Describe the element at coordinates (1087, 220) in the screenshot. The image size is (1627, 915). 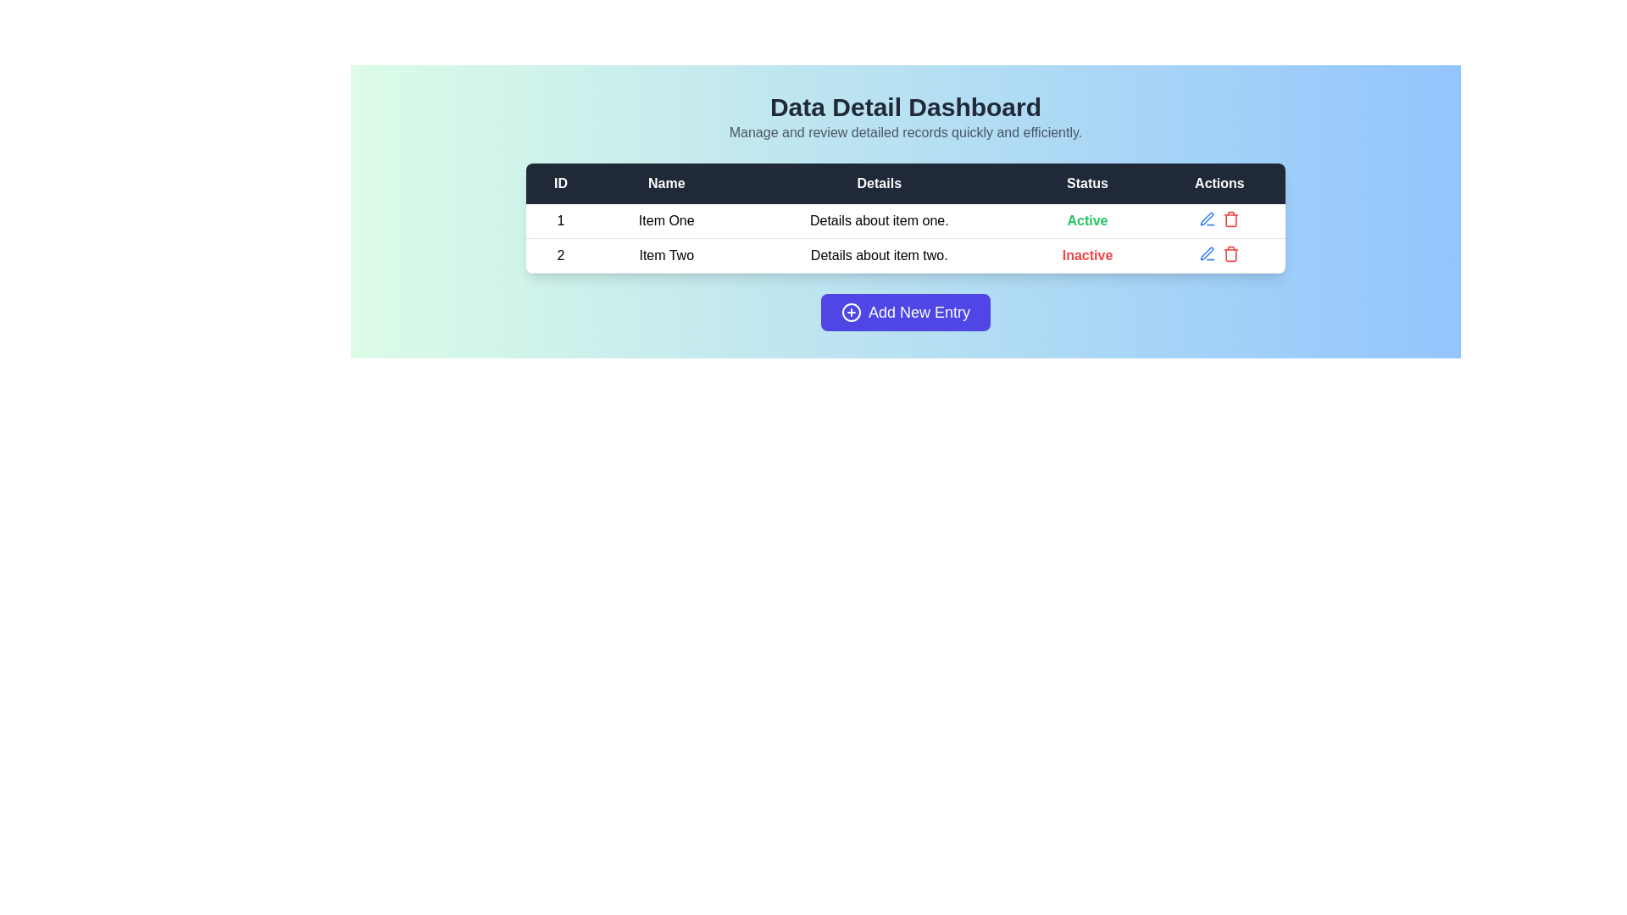
I see `the Text Label indicating the current activity status of the item, which displays 'Active' and is positioned in the status column of the first row of the table` at that location.